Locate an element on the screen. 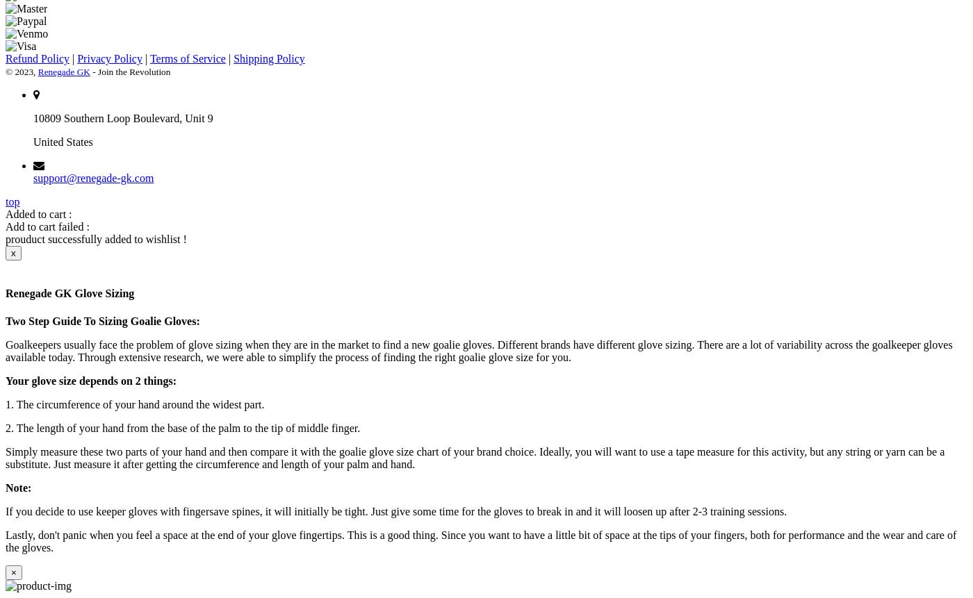 This screenshot has height=598, width=973. '- Join the Revolution' is located at coordinates (89, 71).